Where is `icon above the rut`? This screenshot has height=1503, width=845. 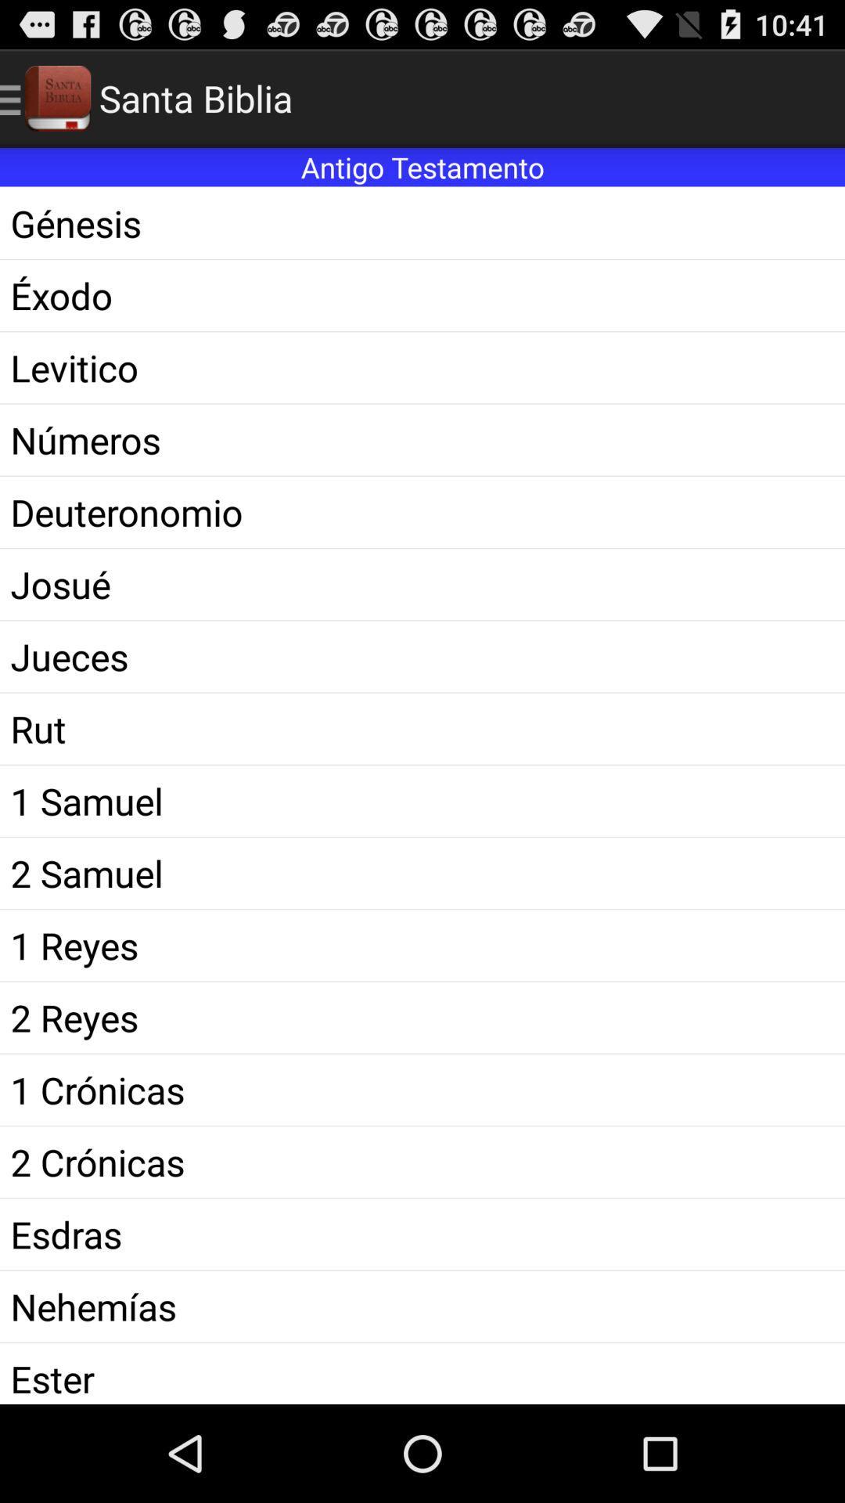
icon above the rut is located at coordinates (422, 656).